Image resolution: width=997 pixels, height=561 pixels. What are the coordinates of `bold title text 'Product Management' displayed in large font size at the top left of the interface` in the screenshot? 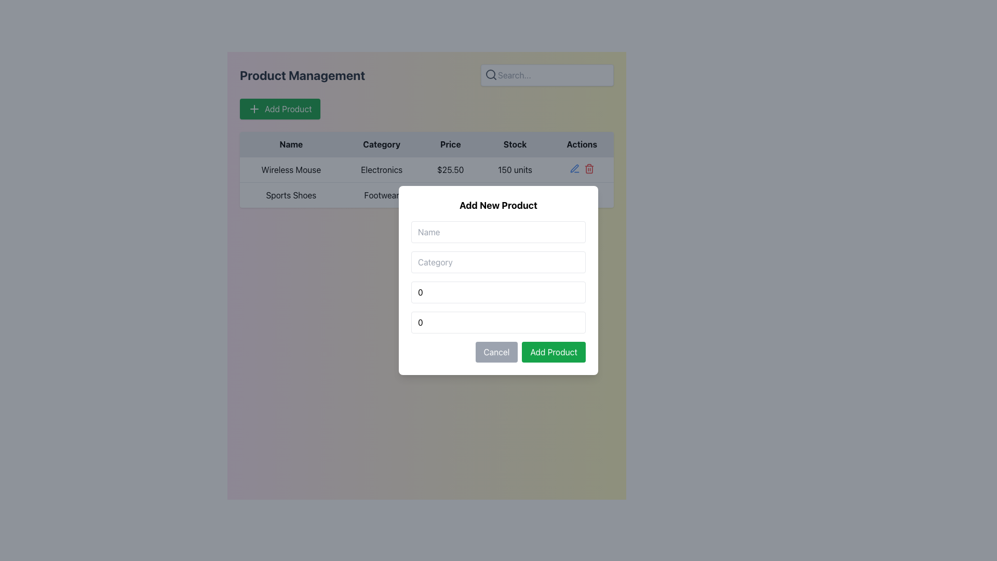 It's located at (302, 75).